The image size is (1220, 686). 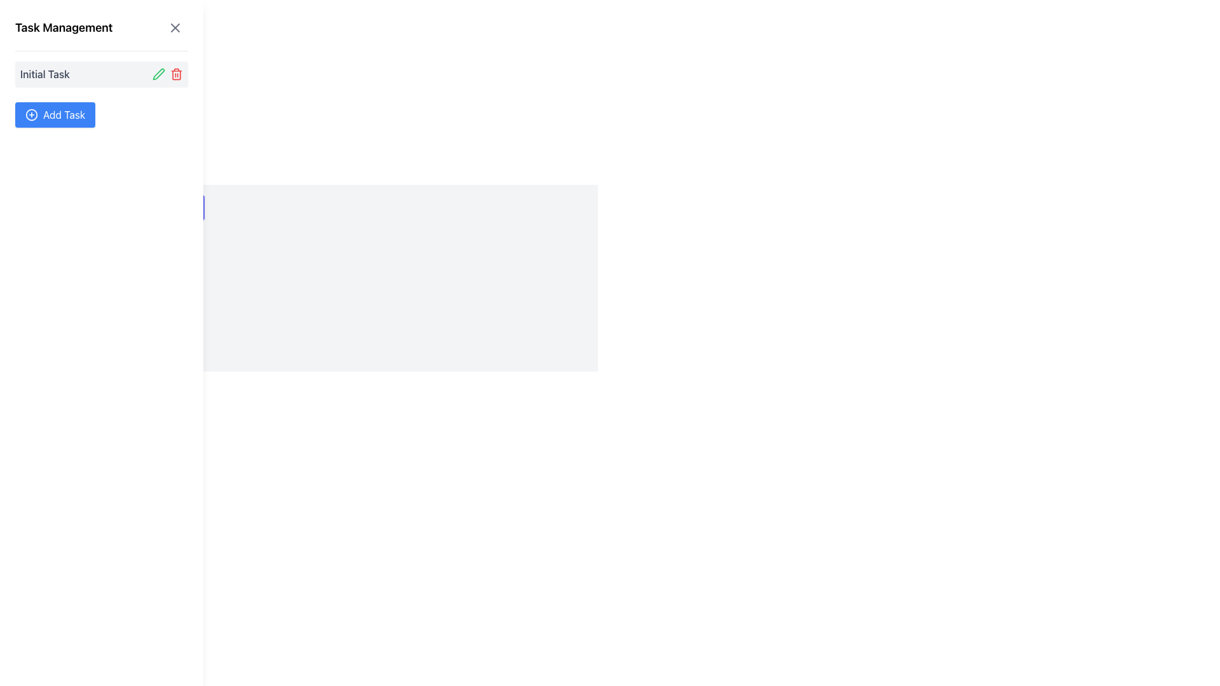 What do you see at coordinates (176, 75) in the screenshot?
I see `the lower part of the trash bin icon, which is outlined and located on the right side of the task management interface` at bounding box center [176, 75].